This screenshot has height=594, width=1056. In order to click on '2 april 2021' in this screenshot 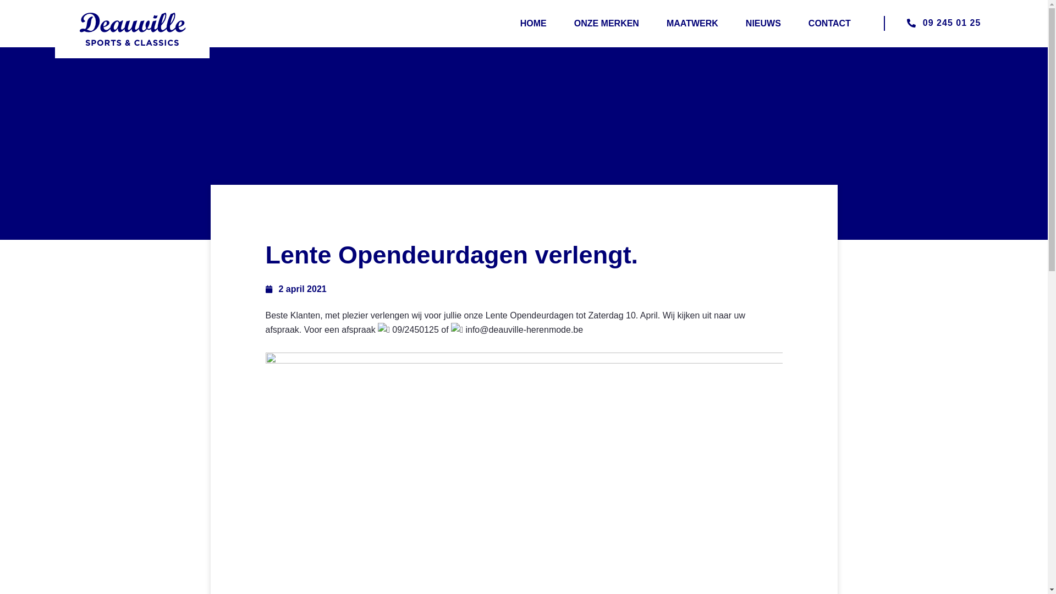, I will do `click(295, 288)`.